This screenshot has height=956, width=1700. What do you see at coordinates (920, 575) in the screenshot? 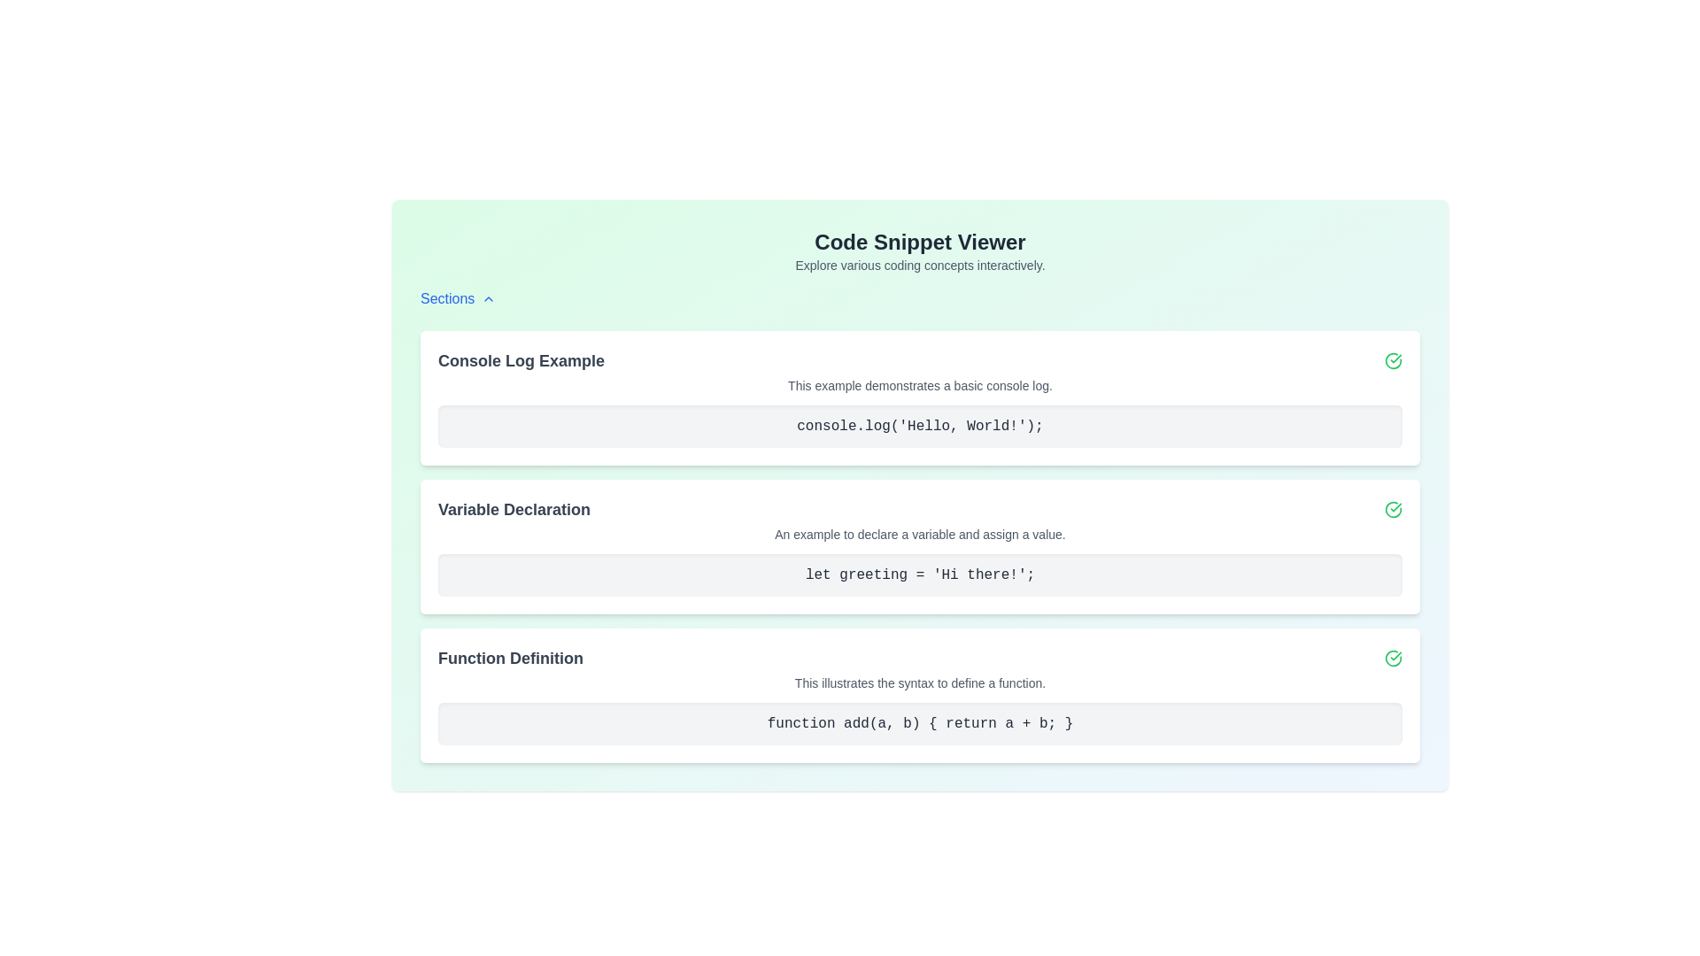
I see `the text displaying the code snippet 'let greeting = 'Hi there!';' located in the center of the 'Variable Declaration' section of the 'Code Snippet Viewer' interface` at bounding box center [920, 575].